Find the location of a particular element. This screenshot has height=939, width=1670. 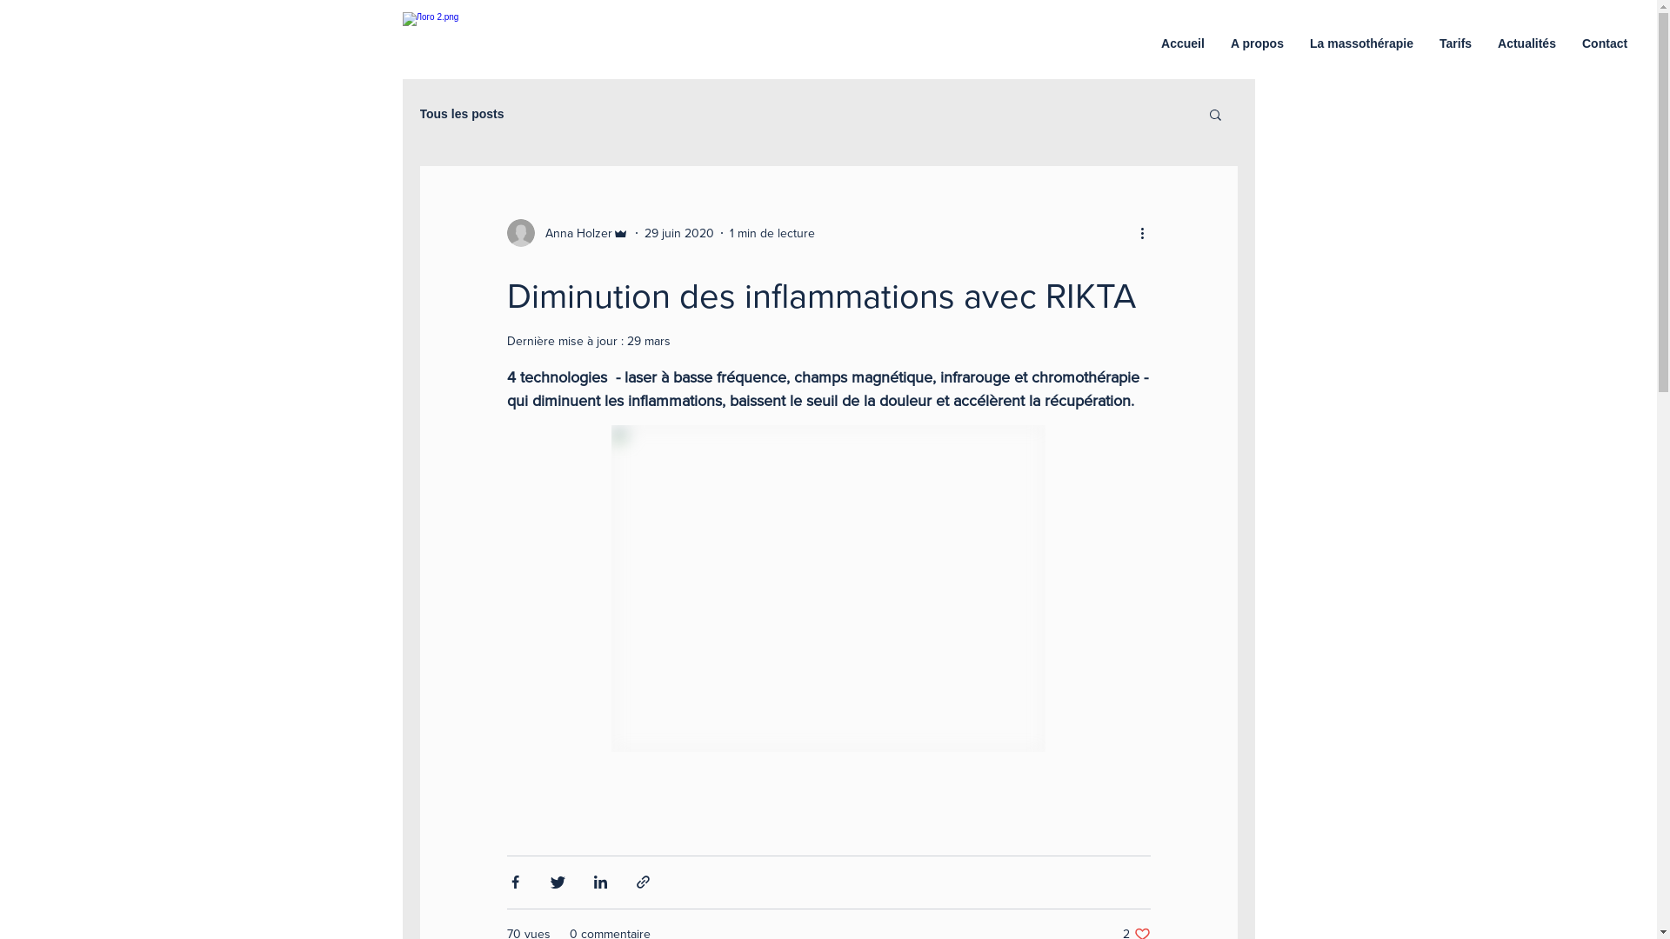

'Contact' is located at coordinates (1603, 43).